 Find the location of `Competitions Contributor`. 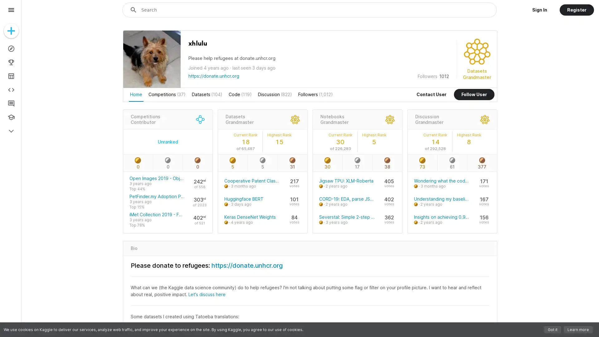

Competitions Contributor is located at coordinates (145, 119).